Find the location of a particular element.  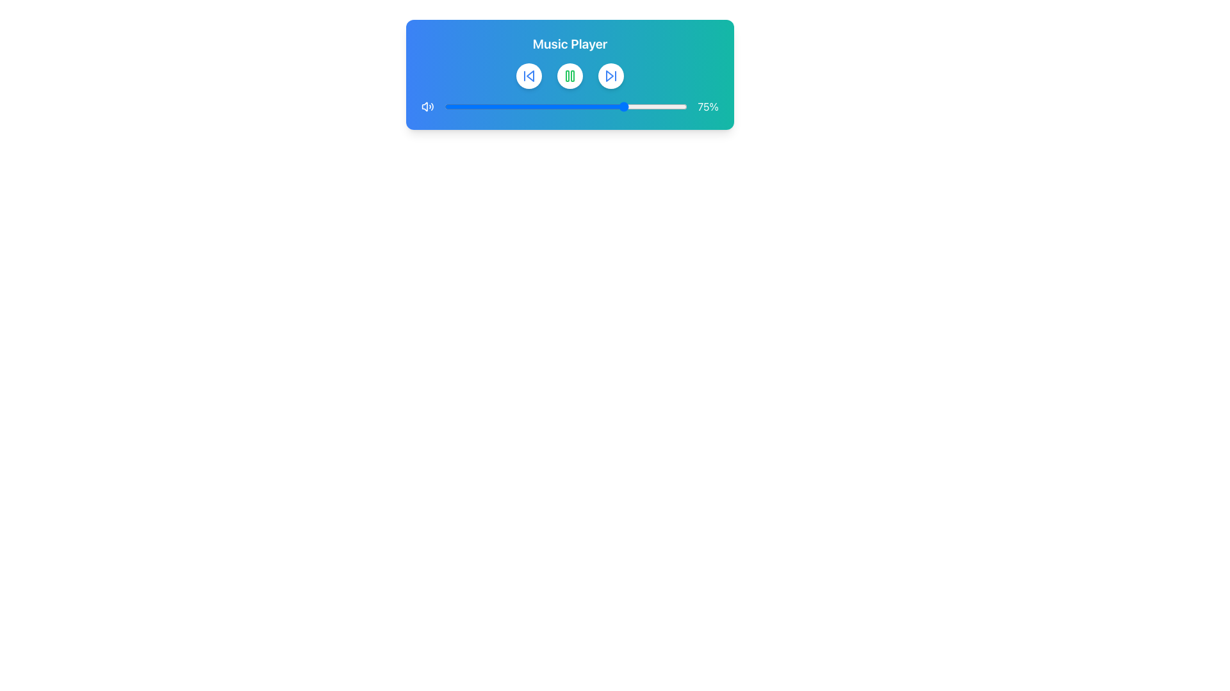

the backward navigation button located to the left of the green play/pause button in the media player interface is located at coordinates (529, 76).